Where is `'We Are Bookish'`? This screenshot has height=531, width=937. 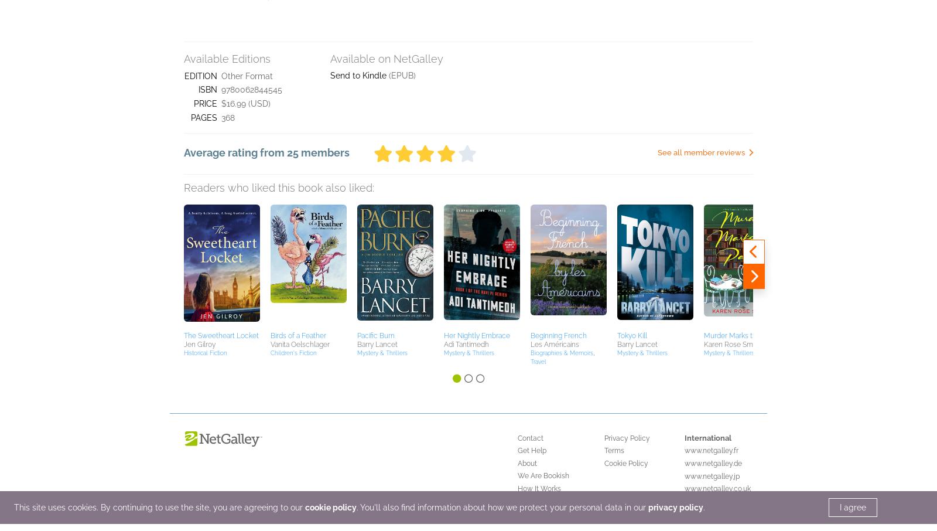
'We Are Bookish' is located at coordinates (517, 6).